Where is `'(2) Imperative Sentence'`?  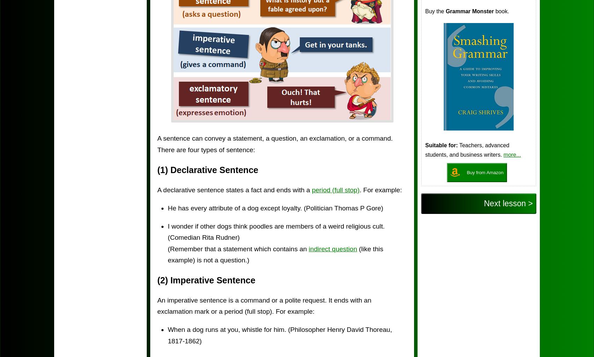
'(2) Imperative Sentence' is located at coordinates (206, 280).